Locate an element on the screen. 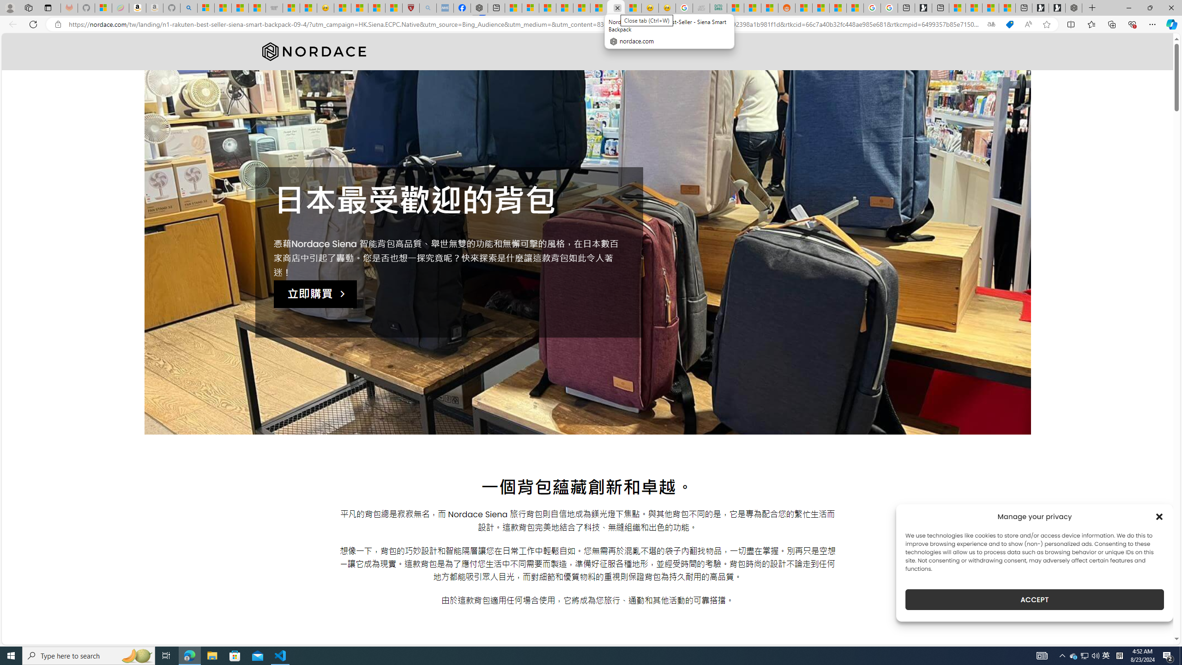  'Favorites' is located at coordinates (1092, 24).